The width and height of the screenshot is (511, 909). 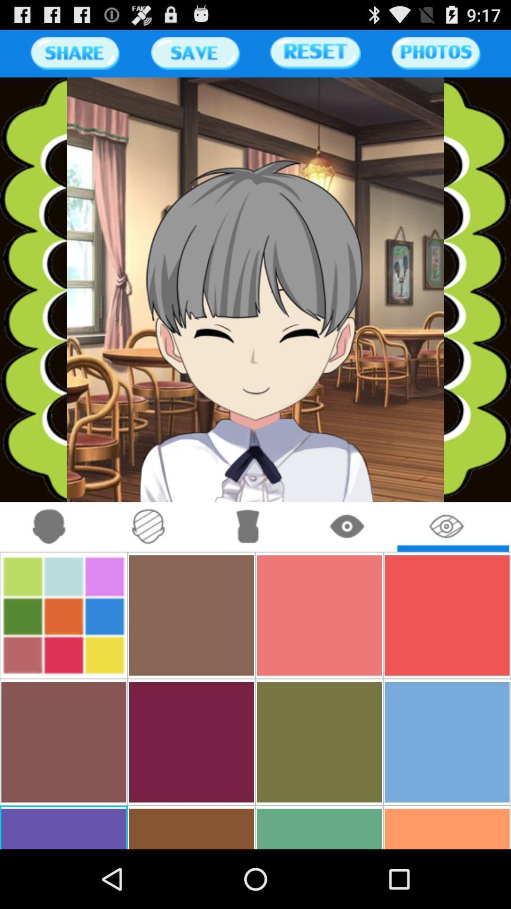 I want to click on autoplay option, so click(x=49, y=526).